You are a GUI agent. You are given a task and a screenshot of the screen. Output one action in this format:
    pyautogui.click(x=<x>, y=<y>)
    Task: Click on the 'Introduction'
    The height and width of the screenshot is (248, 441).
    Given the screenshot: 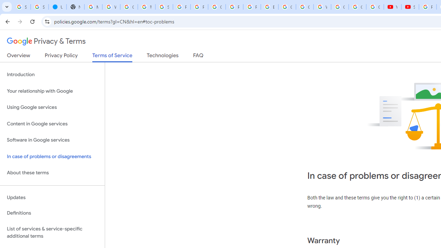 What is the action you would take?
    pyautogui.click(x=52, y=75)
    